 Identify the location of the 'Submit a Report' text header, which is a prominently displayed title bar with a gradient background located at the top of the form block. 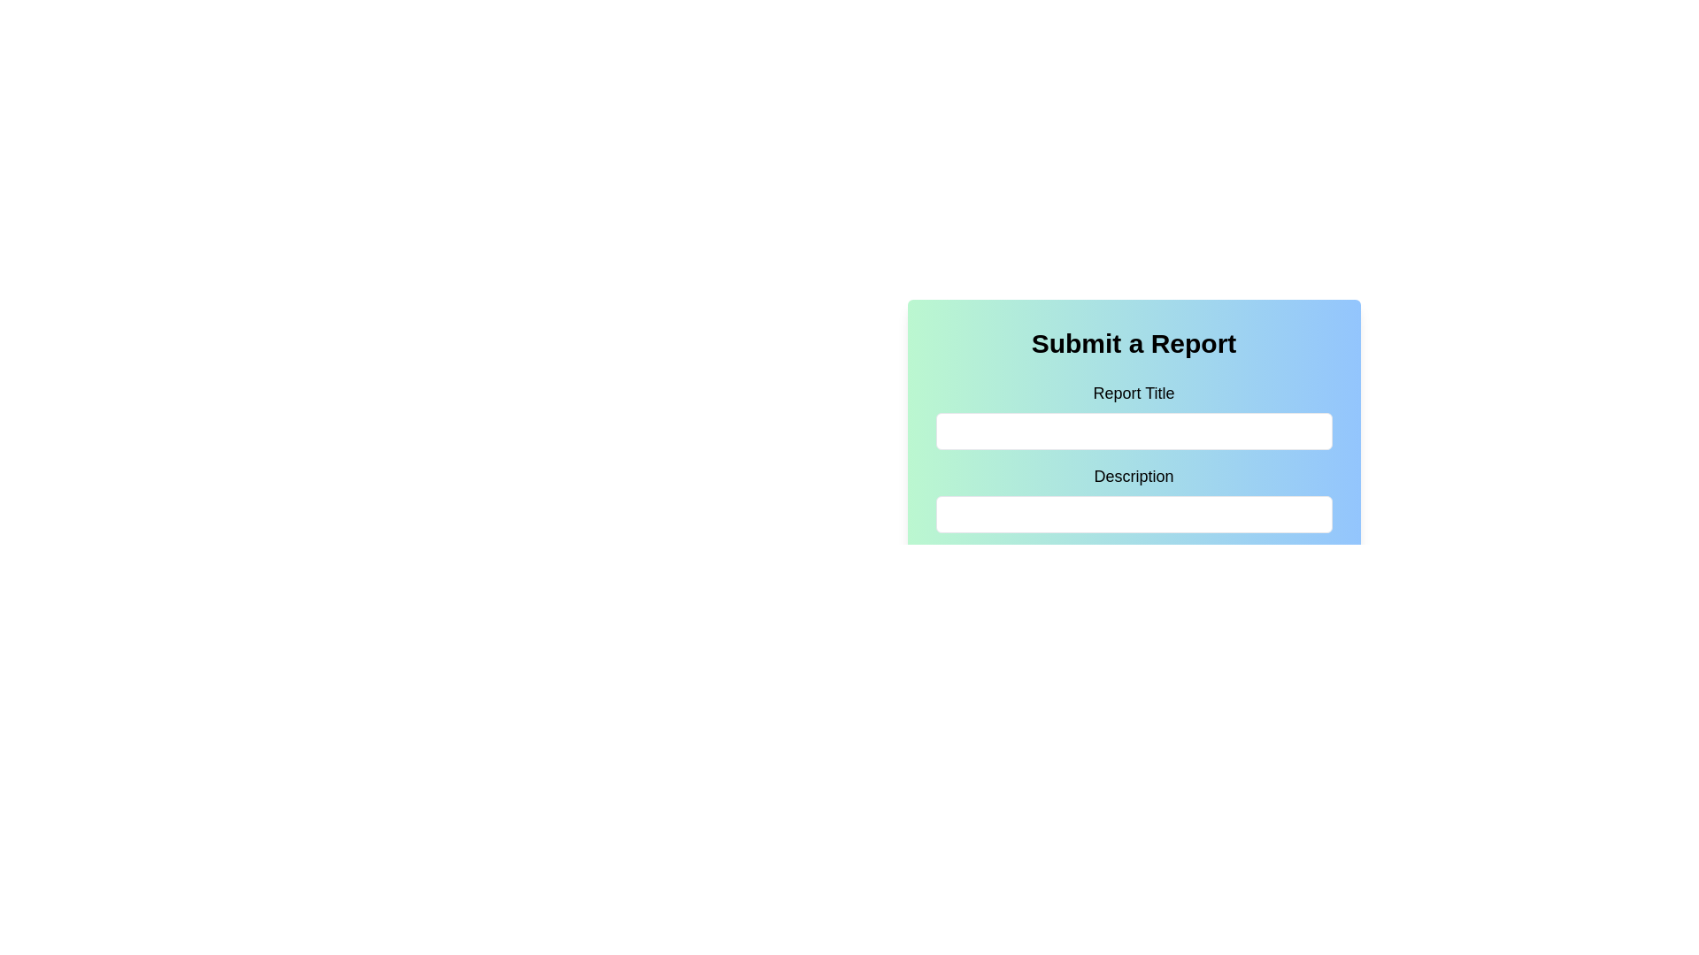
(1134, 344).